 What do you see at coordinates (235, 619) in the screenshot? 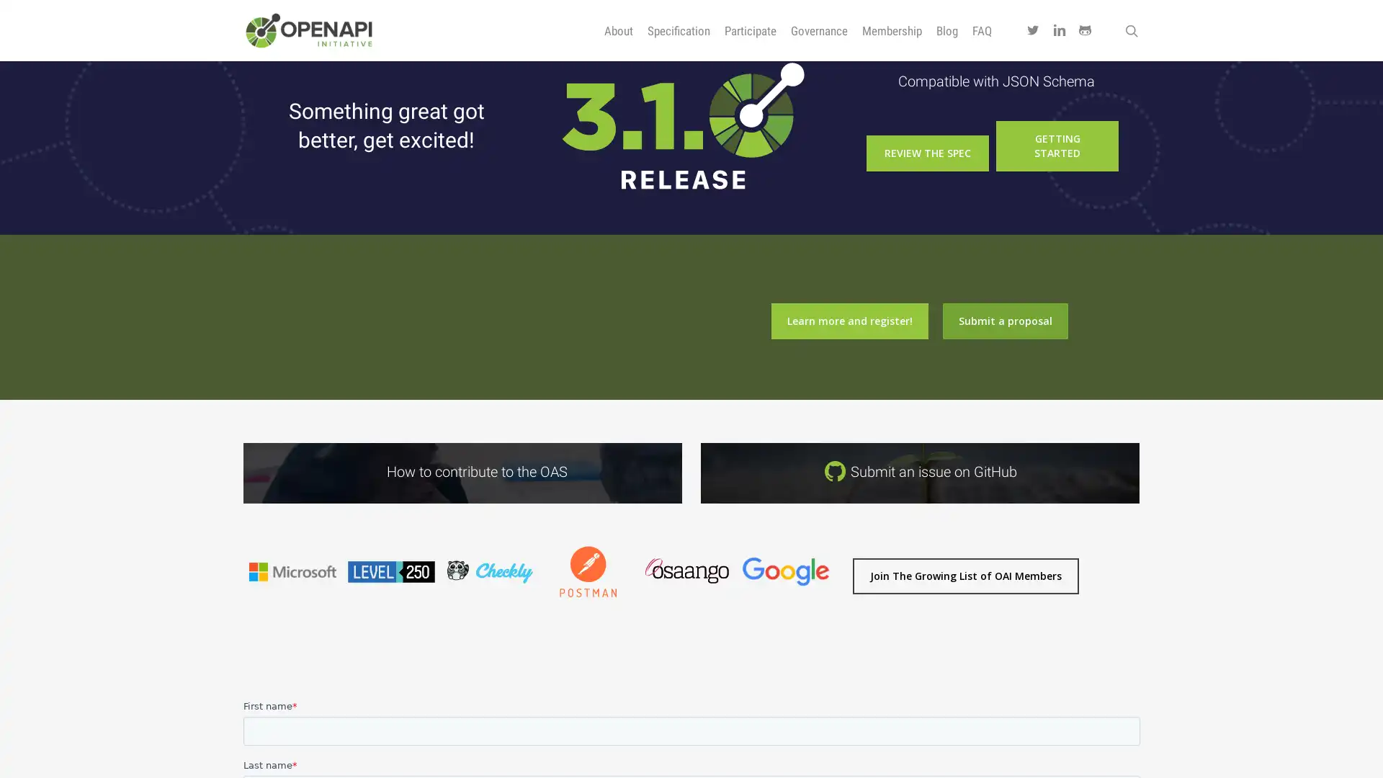
I see `Previous` at bounding box center [235, 619].